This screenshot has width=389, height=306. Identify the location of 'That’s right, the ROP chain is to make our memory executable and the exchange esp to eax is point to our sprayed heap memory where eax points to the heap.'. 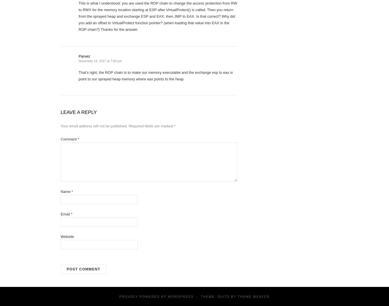
(155, 76).